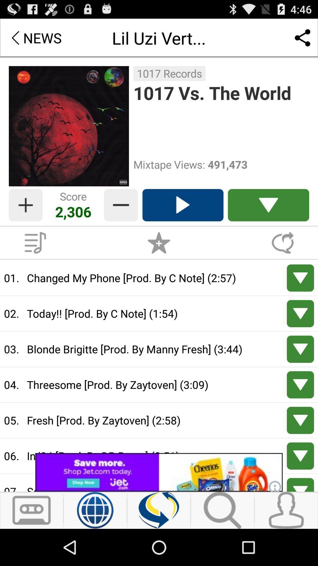 This screenshot has height=566, width=318. Describe the element at coordinates (159, 243) in the screenshot. I see `score botton` at that location.